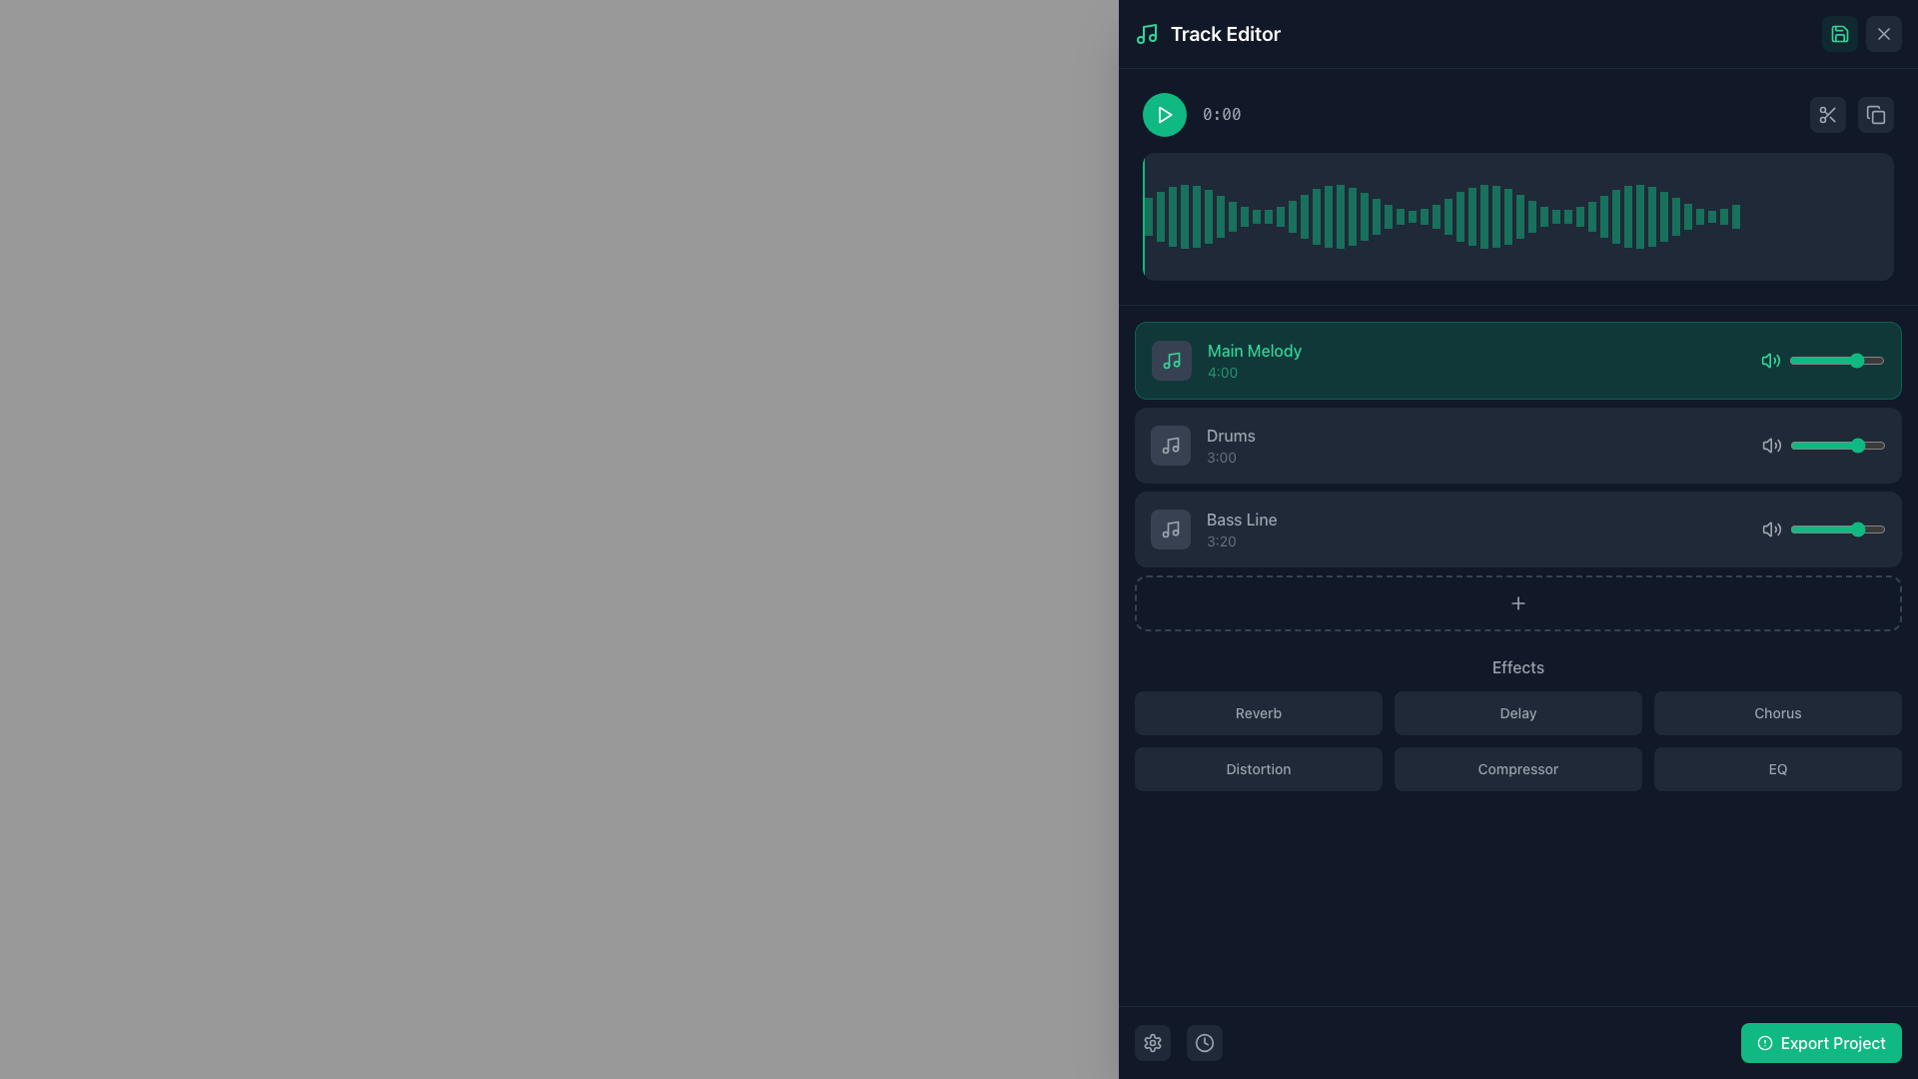  Describe the element at coordinates (1399, 216) in the screenshot. I see `the 23rd waveform bar` at that location.